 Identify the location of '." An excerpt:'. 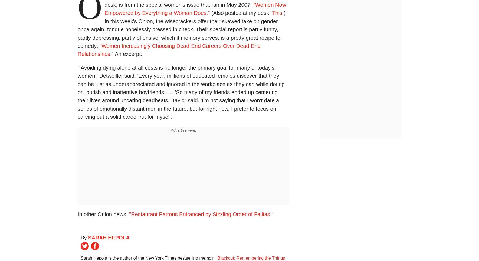
(126, 53).